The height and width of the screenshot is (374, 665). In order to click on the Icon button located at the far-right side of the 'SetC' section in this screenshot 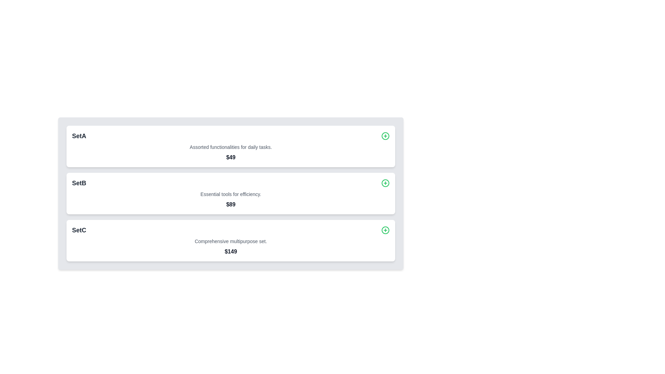, I will do `click(385, 230)`.